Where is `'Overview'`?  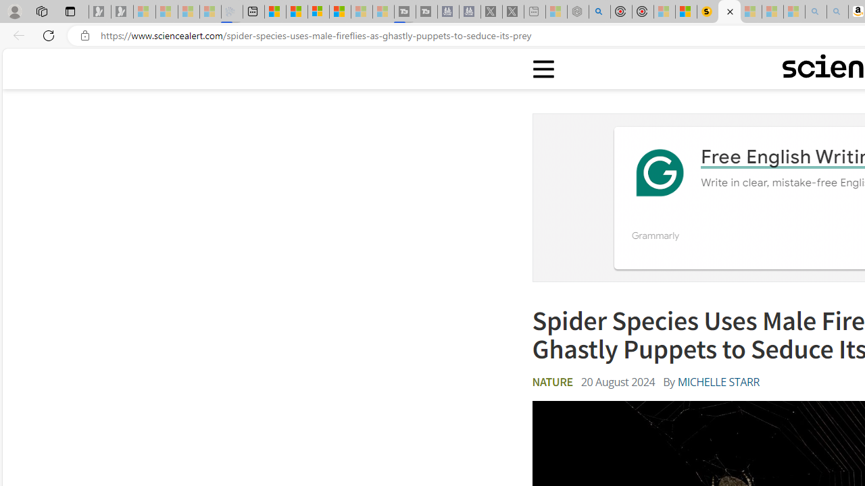
'Overview' is located at coordinates (318, 11).